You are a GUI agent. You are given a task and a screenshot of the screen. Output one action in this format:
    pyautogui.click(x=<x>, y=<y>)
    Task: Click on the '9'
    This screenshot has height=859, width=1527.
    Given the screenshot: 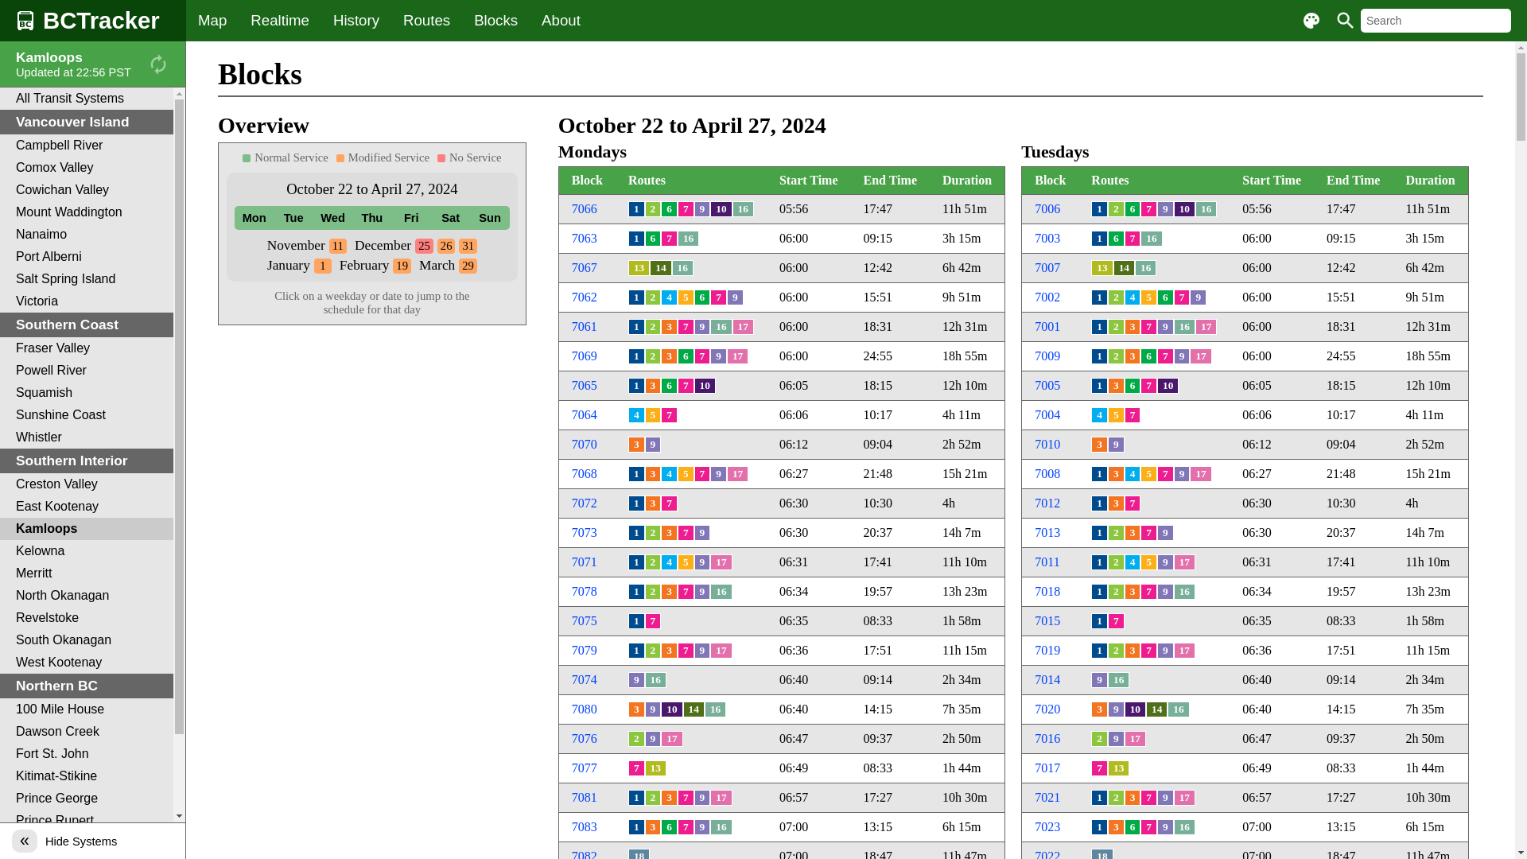 What is the action you would take?
    pyautogui.click(x=734, y=297)
    